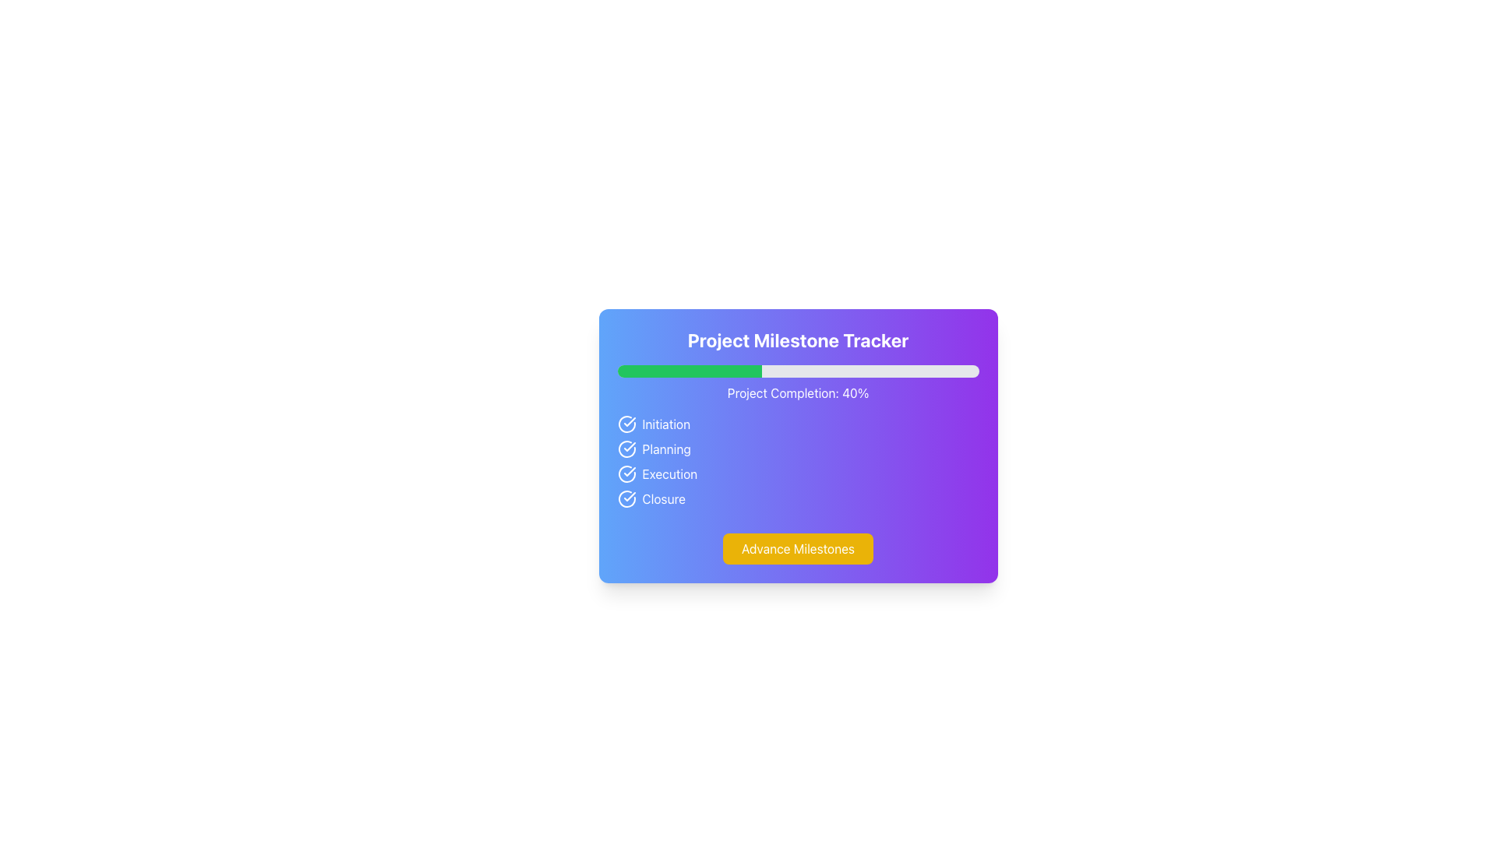 This screenshot has height=841, width=1496. Describe the element at coordinates (798, 339) in the screenshot. I see `the large, bold, white text saying 'Project Milestone Tracker' located at the top-center of its rounded rectangular card with a gradient background` at that location.